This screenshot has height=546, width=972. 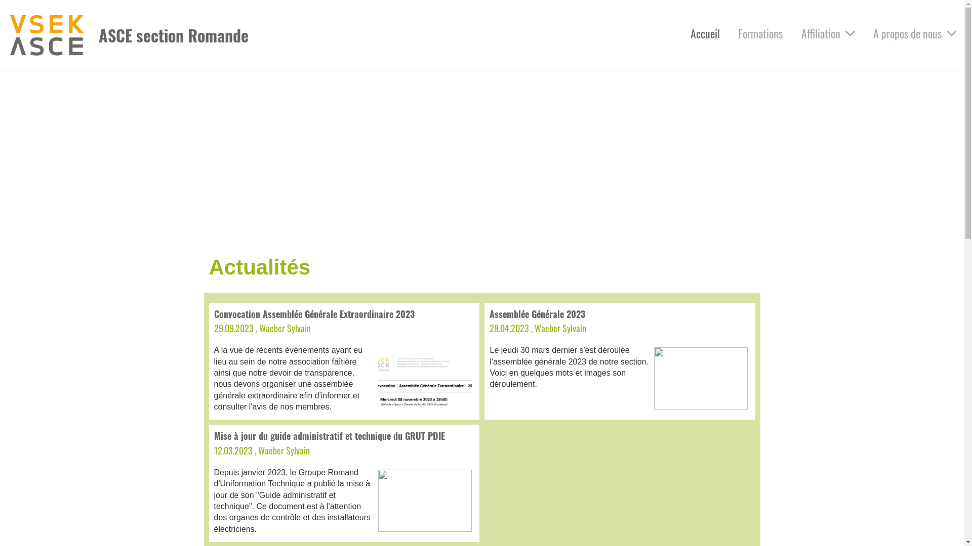 I want to click on 'Formations', so click(x=760, y=33).